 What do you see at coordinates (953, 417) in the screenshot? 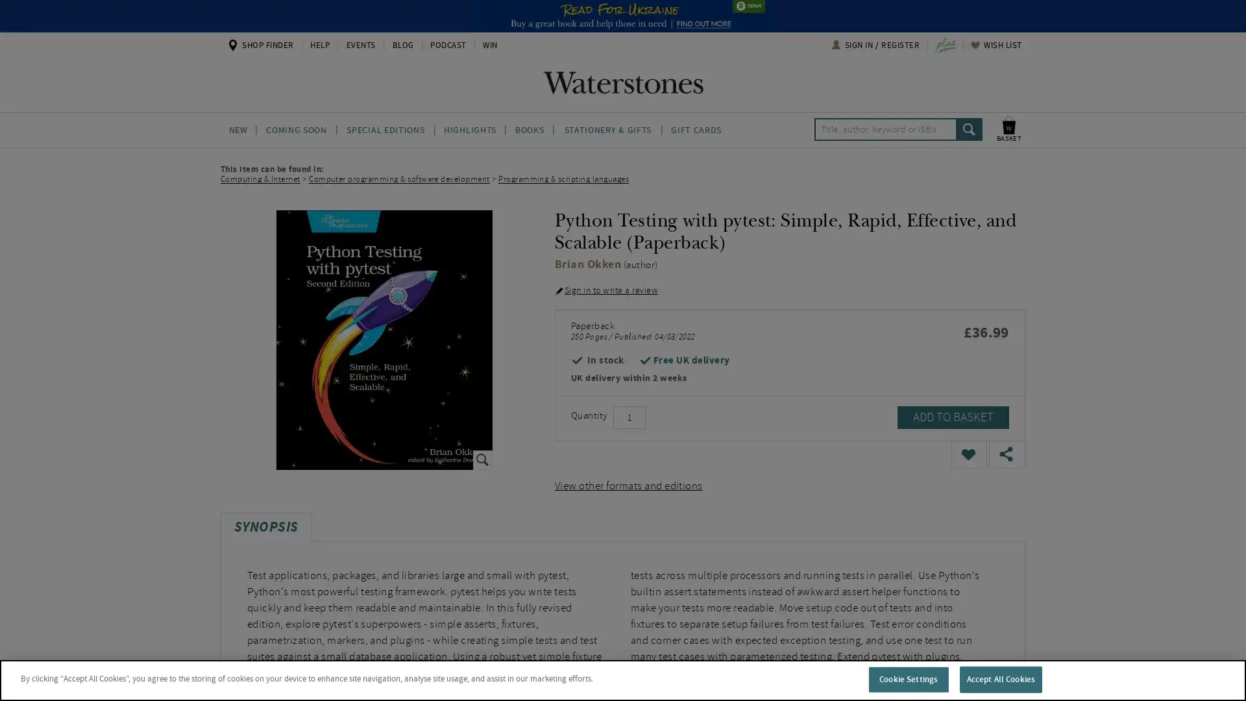
I see `ADD TO BASKET` at bounding box center [953, 417].